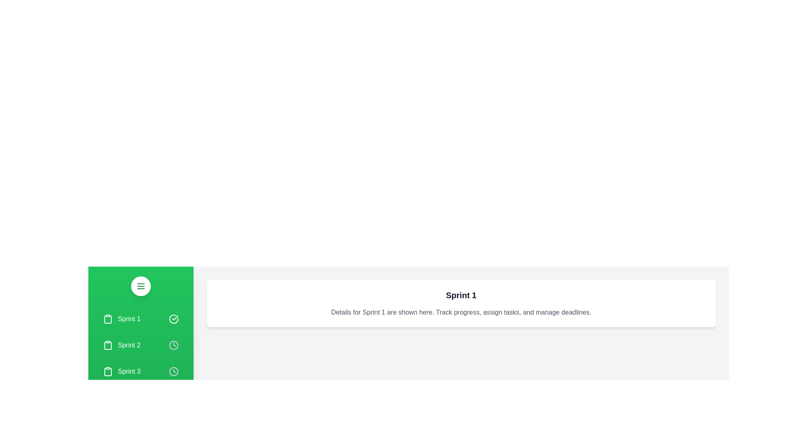  Describe the element at coordinates (141, 372) in the screenshot. I see `the sprint named Sprint 3 from the list` at that location.